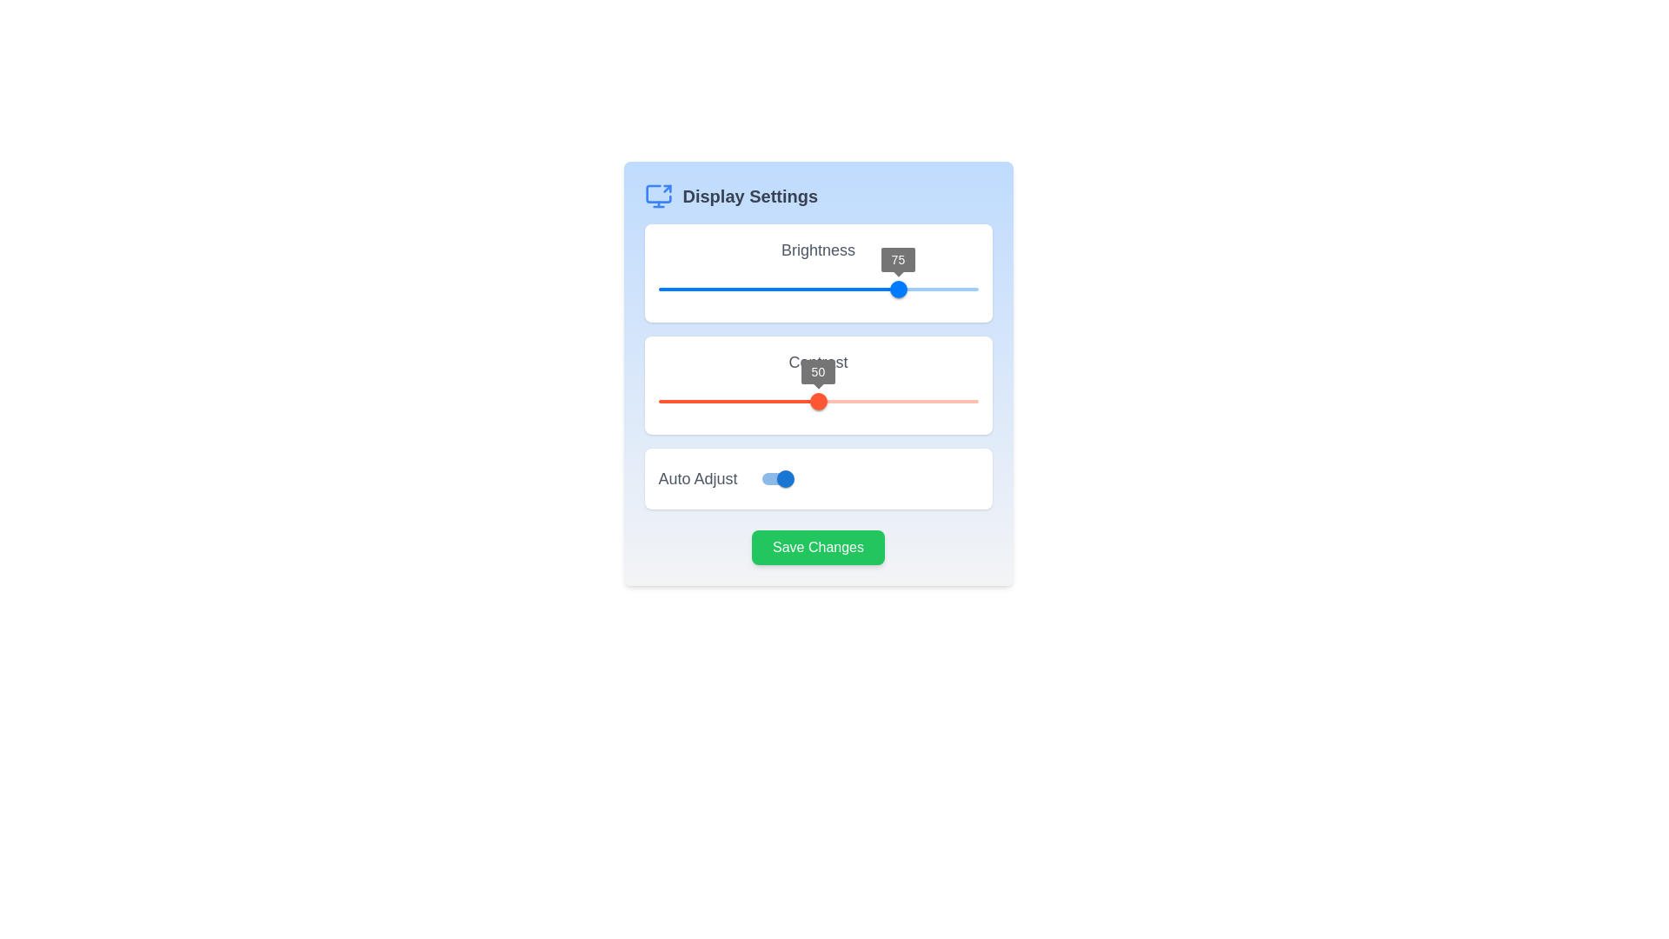 The image size is (1669, 939). What do you see at coordinates (900, 288) in the screenshot?
I see `the brightness` at bounding box center [900, 288].